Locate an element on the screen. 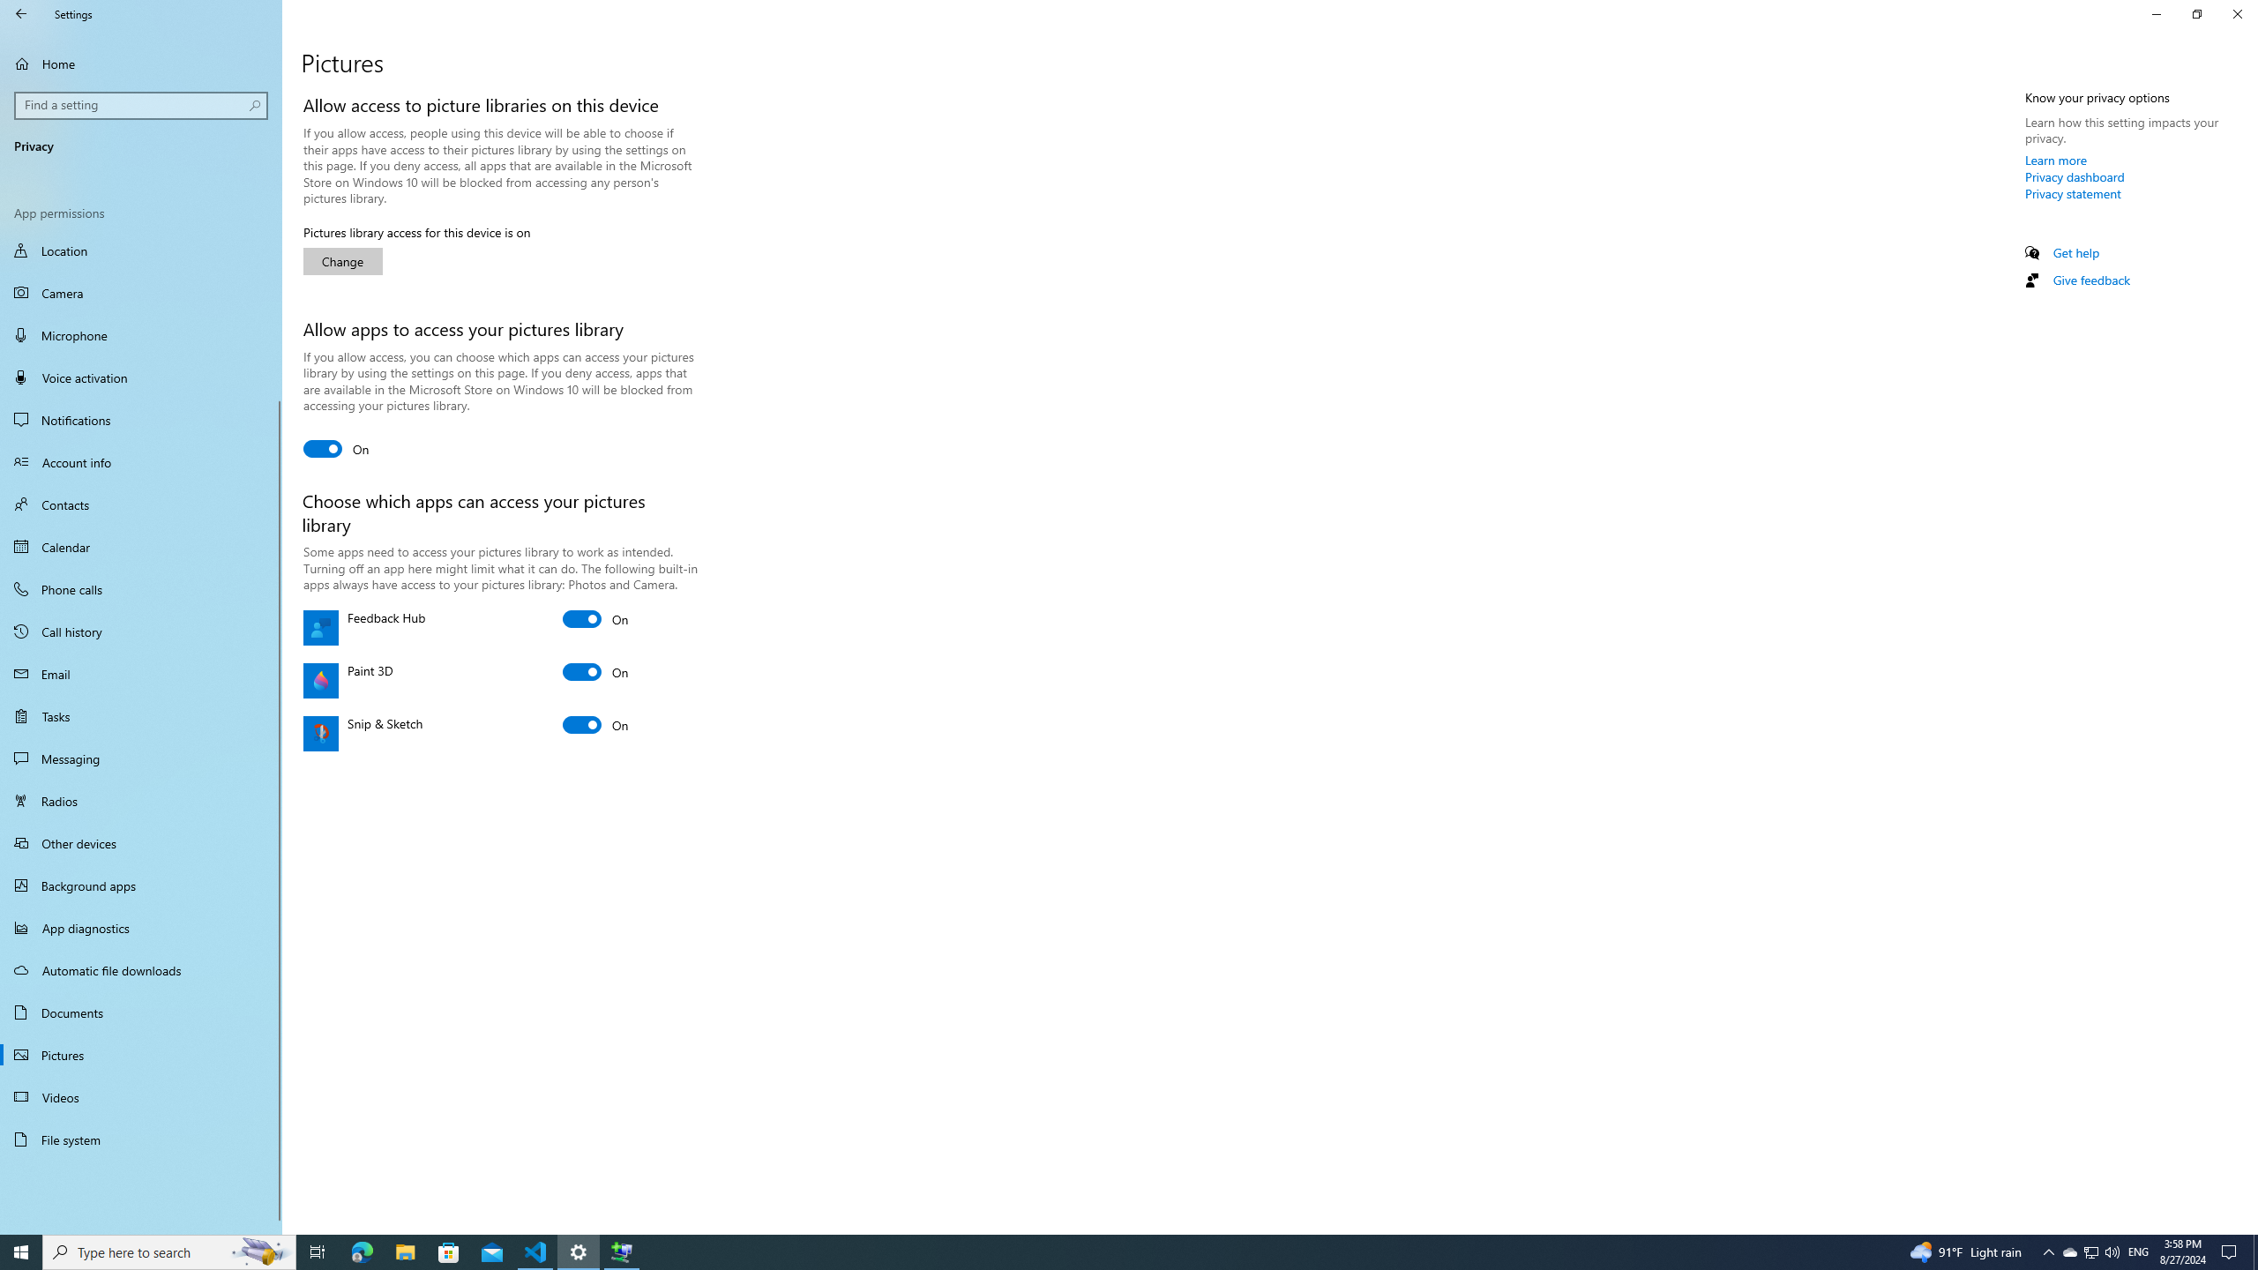 The width and height of the screenshot is (2258, 1270). 'Notifications' is located at coordinates (140, 418).